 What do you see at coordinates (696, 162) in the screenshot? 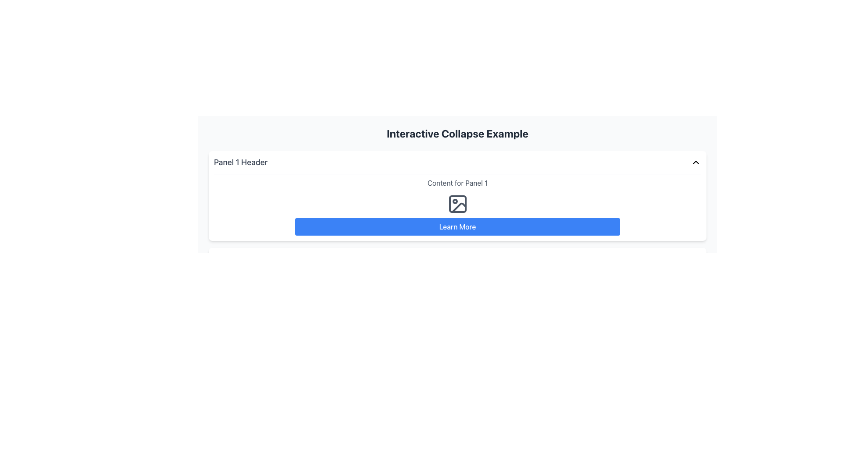
I see `the upward-facing chevron icon located to the far right of the 'Panel 1 Header' for potential visual feedback` at bounding box center [696, 162].